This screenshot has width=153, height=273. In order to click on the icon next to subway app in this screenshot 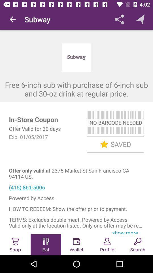, I will do `click(12, 19)`.